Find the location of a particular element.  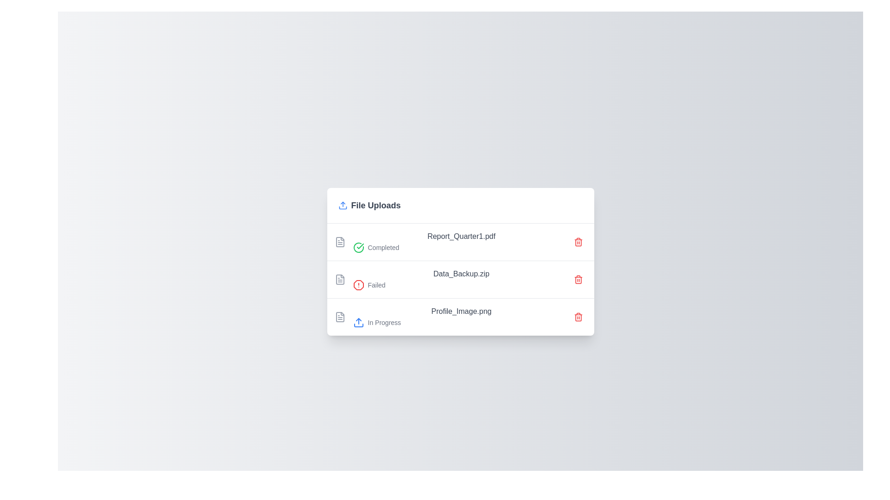

the Trash/Delete icon button located at the far right end of the 'Data_Backup.zip' file entry to observe the hover style change is located at coordinates (578, 279).